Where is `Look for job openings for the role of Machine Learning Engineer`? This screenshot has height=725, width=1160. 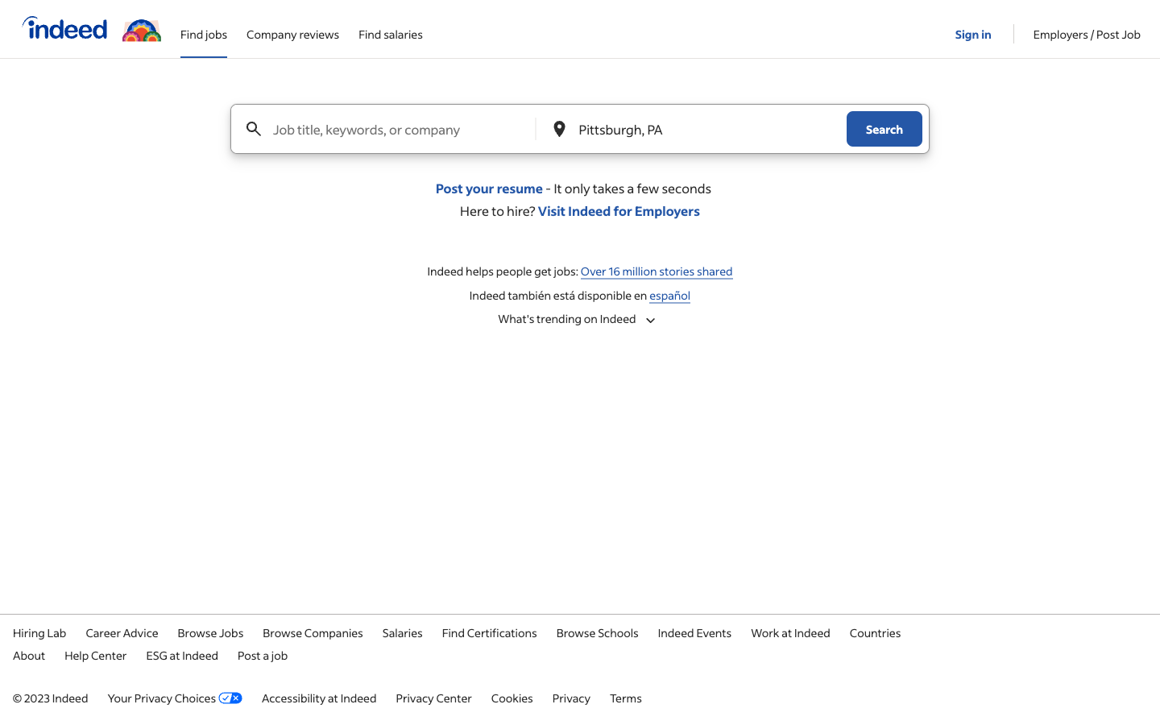 Look for job openings for the role of Machine Learning Engineer is located at coordinates (401, 129).